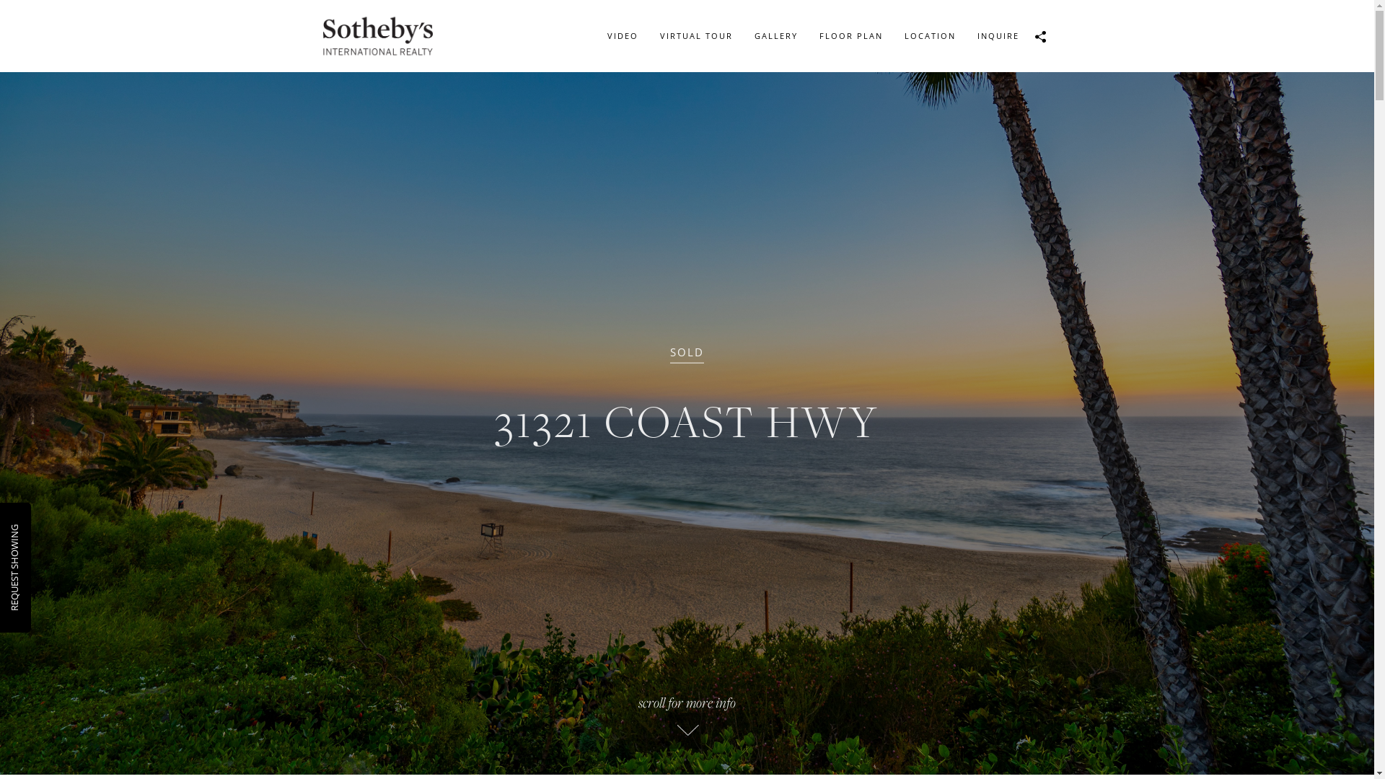 This screenshot has width=1385, height=779. Describe the element at coordinates (929, 35) in the screenshot. I see `'LOCATION'` at that location.